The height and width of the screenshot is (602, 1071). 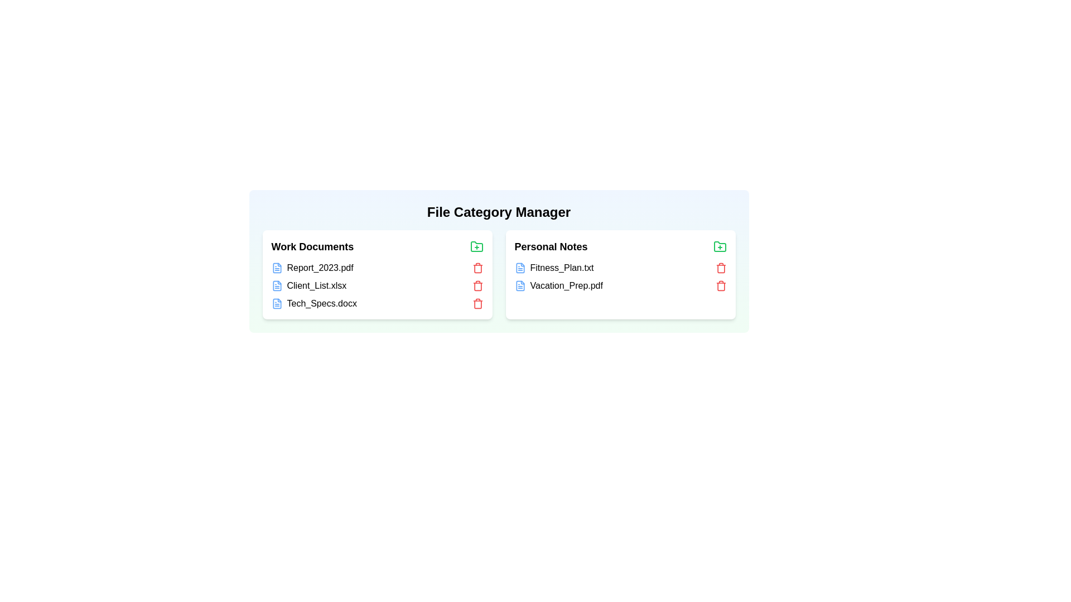 I want to click on the file named Client_List.xlsx in the category Work Documents, so click(x=312, y=285).